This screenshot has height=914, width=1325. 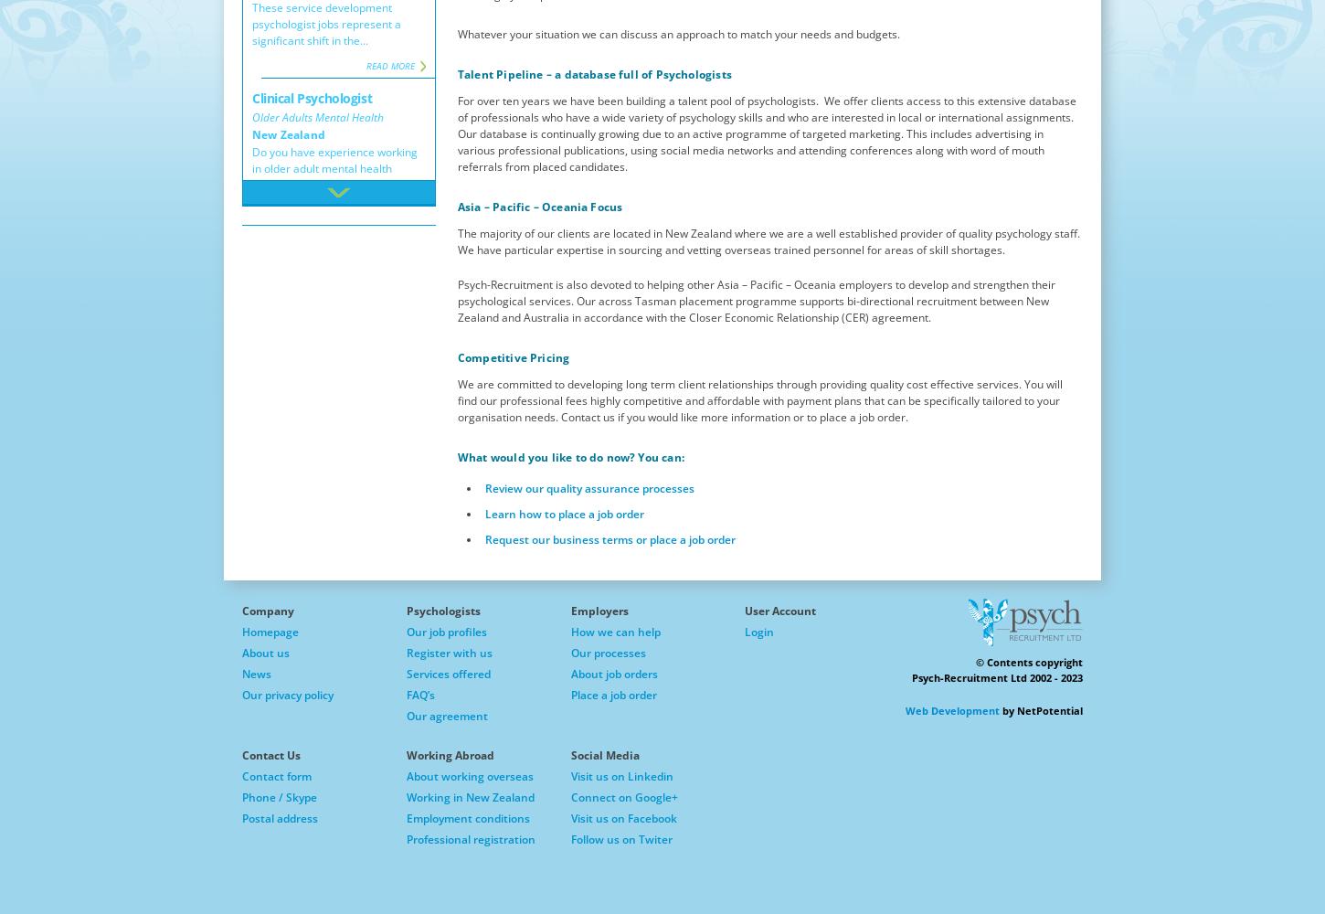 What do you see at coordinates (419, 695) in the screenshot?
I see `'FAQ’s'` at bounding box center [419, 695].